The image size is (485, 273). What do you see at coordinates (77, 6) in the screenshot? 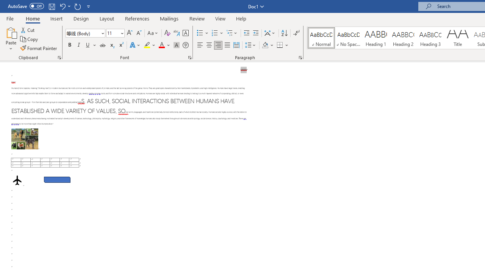
I see `'Repeat Paragraph Alignment'` at bounding box center [77, 6].